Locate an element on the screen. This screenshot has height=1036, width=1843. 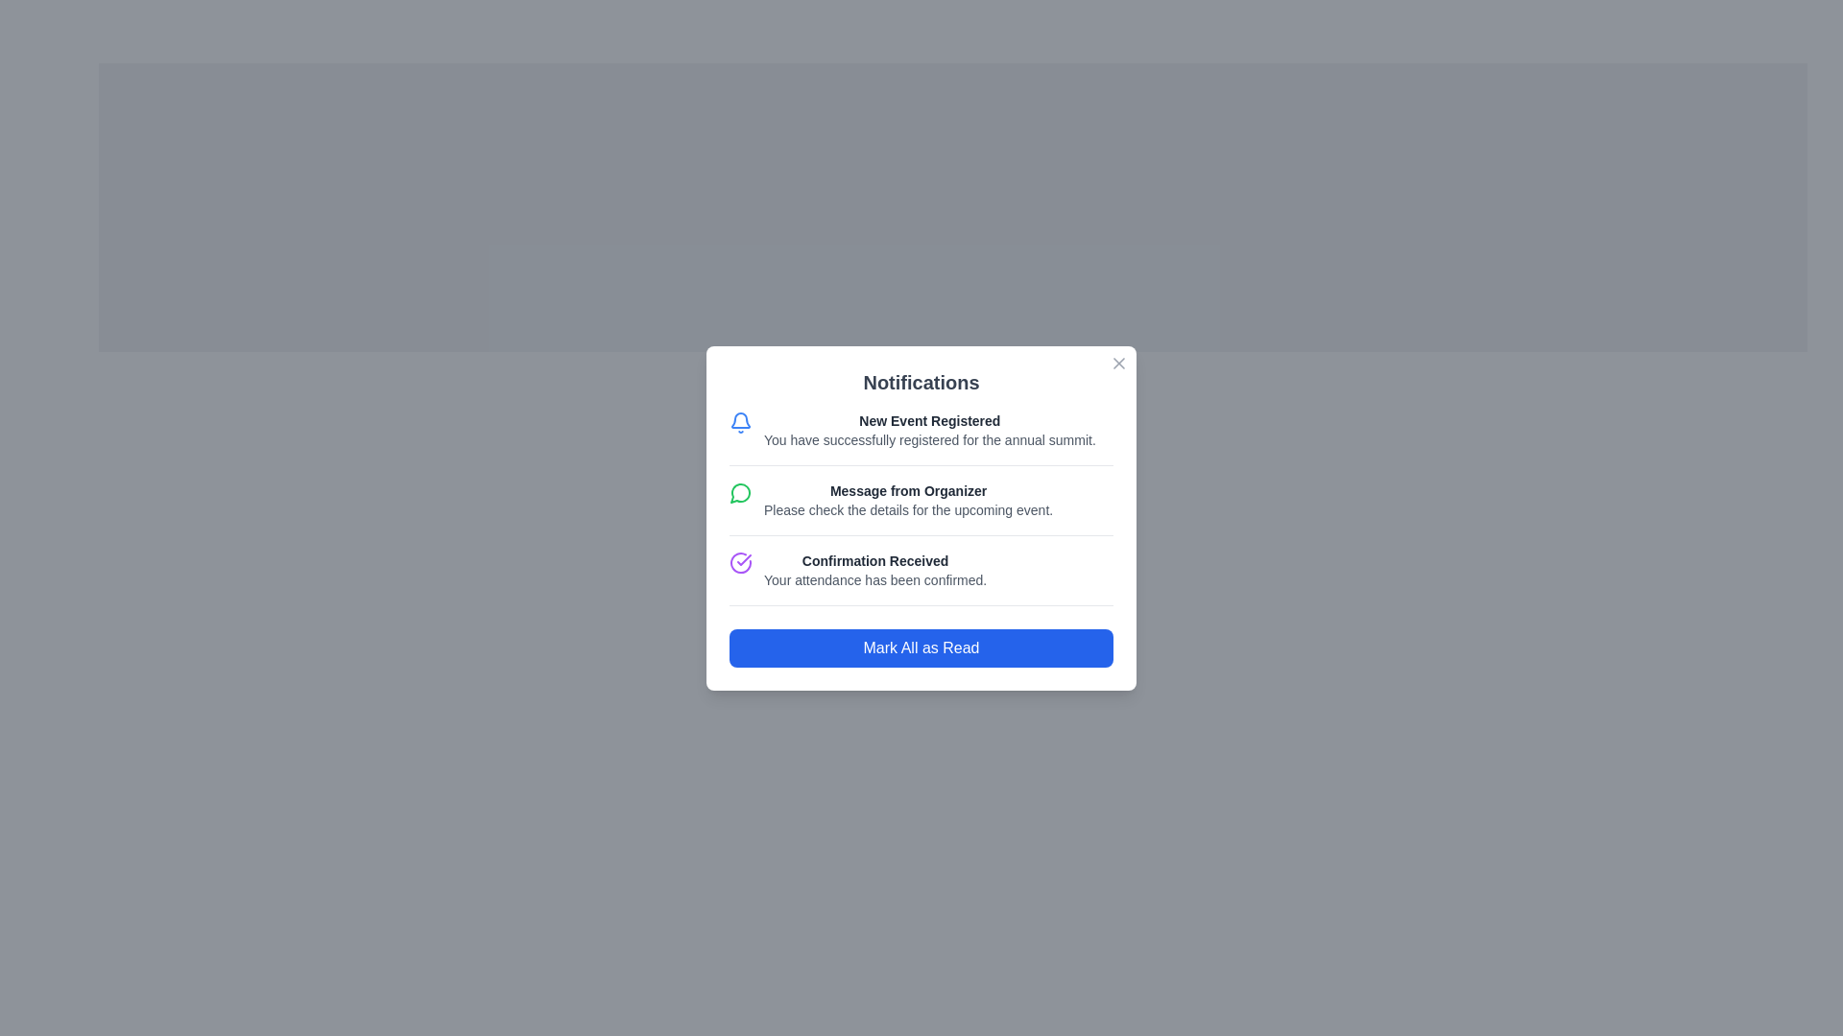
the 'x' icon button in the top-right corner of the notification modal to change its color from gray to red is located at coordinates (1119, 363).